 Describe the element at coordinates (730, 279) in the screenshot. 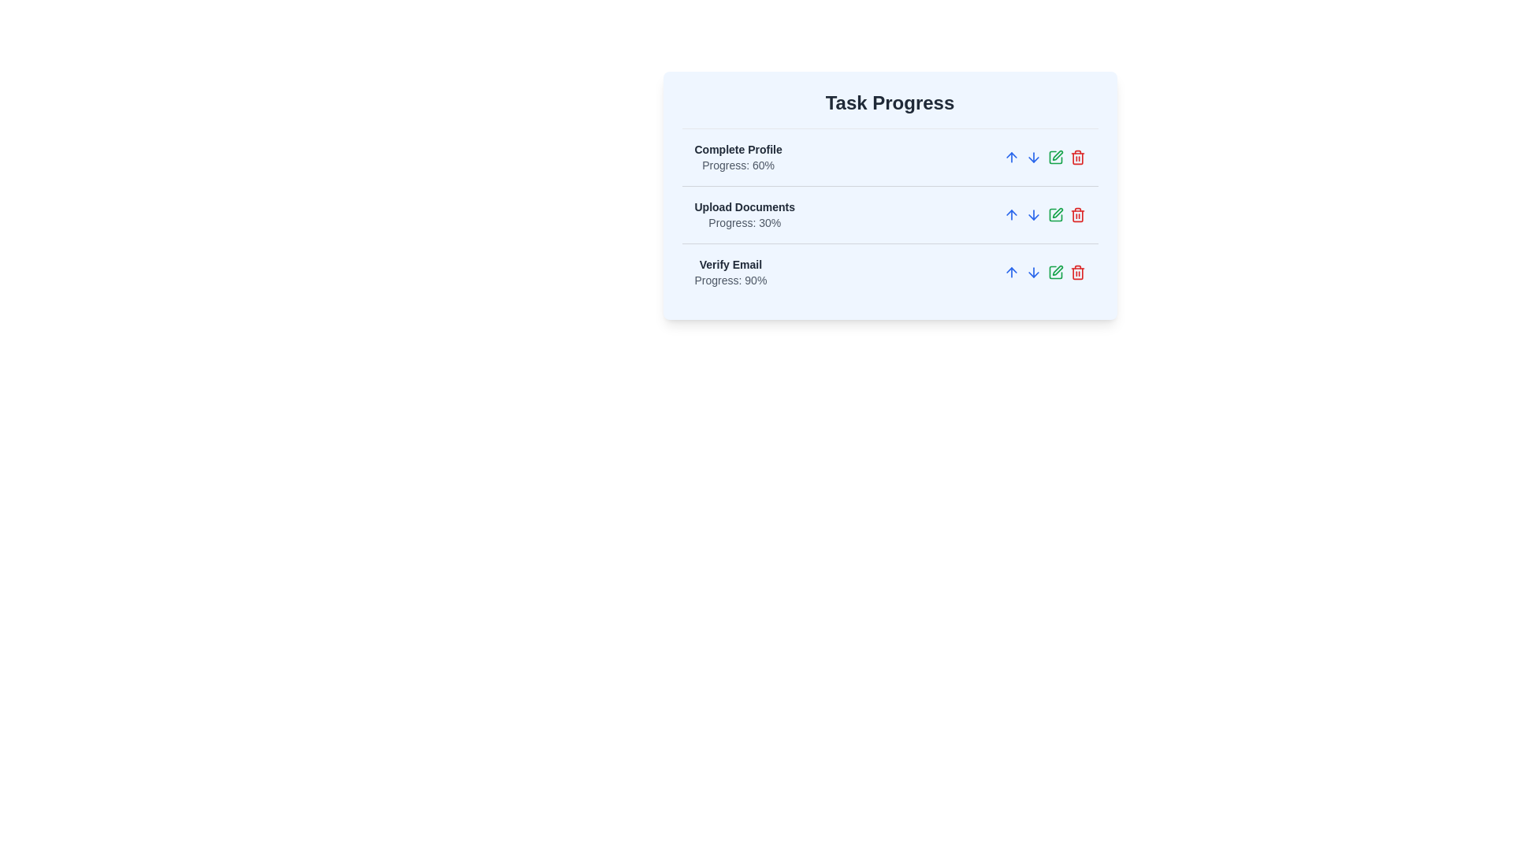

I see `the text label indicating the progress percentage of the 'Verify Email' task located in the 'Task Progress' module` at that location.